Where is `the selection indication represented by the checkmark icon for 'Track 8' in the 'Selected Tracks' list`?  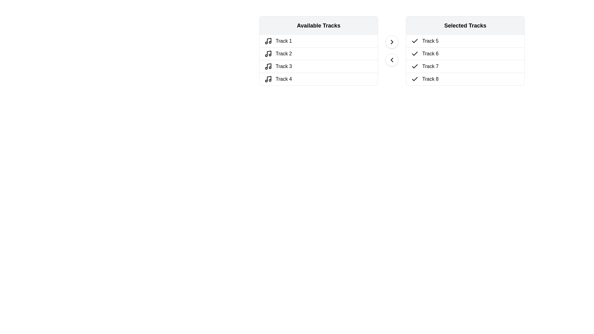
the selection indication represented by the checkmark icon for 'Track 8' in the 'Selected Tracks' list is located at coordinates (415, 79).